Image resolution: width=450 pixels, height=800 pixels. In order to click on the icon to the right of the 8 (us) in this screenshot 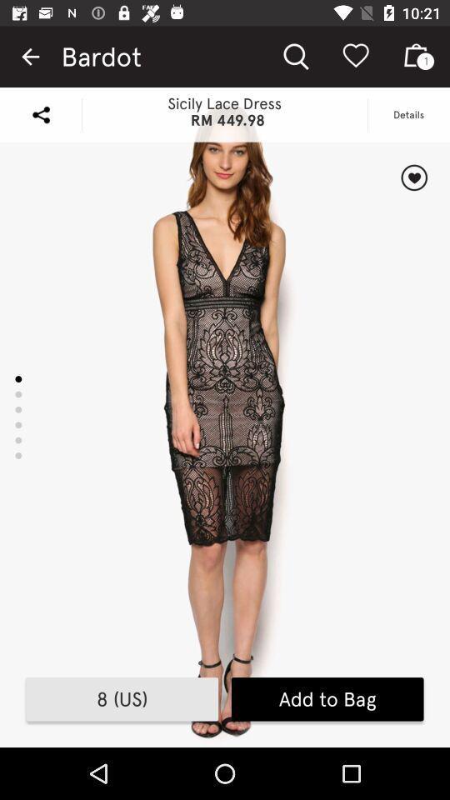, I will do `click(327, 699)`.